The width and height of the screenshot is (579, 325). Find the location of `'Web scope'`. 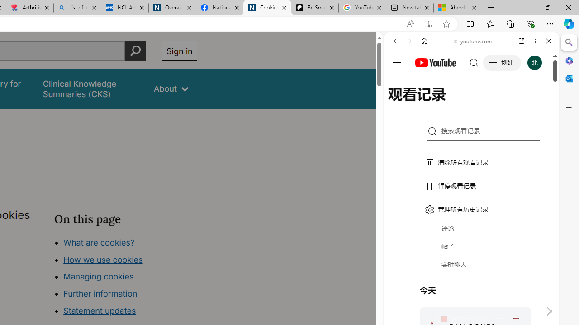

'Web scope' is located at coordinates (399, 81).